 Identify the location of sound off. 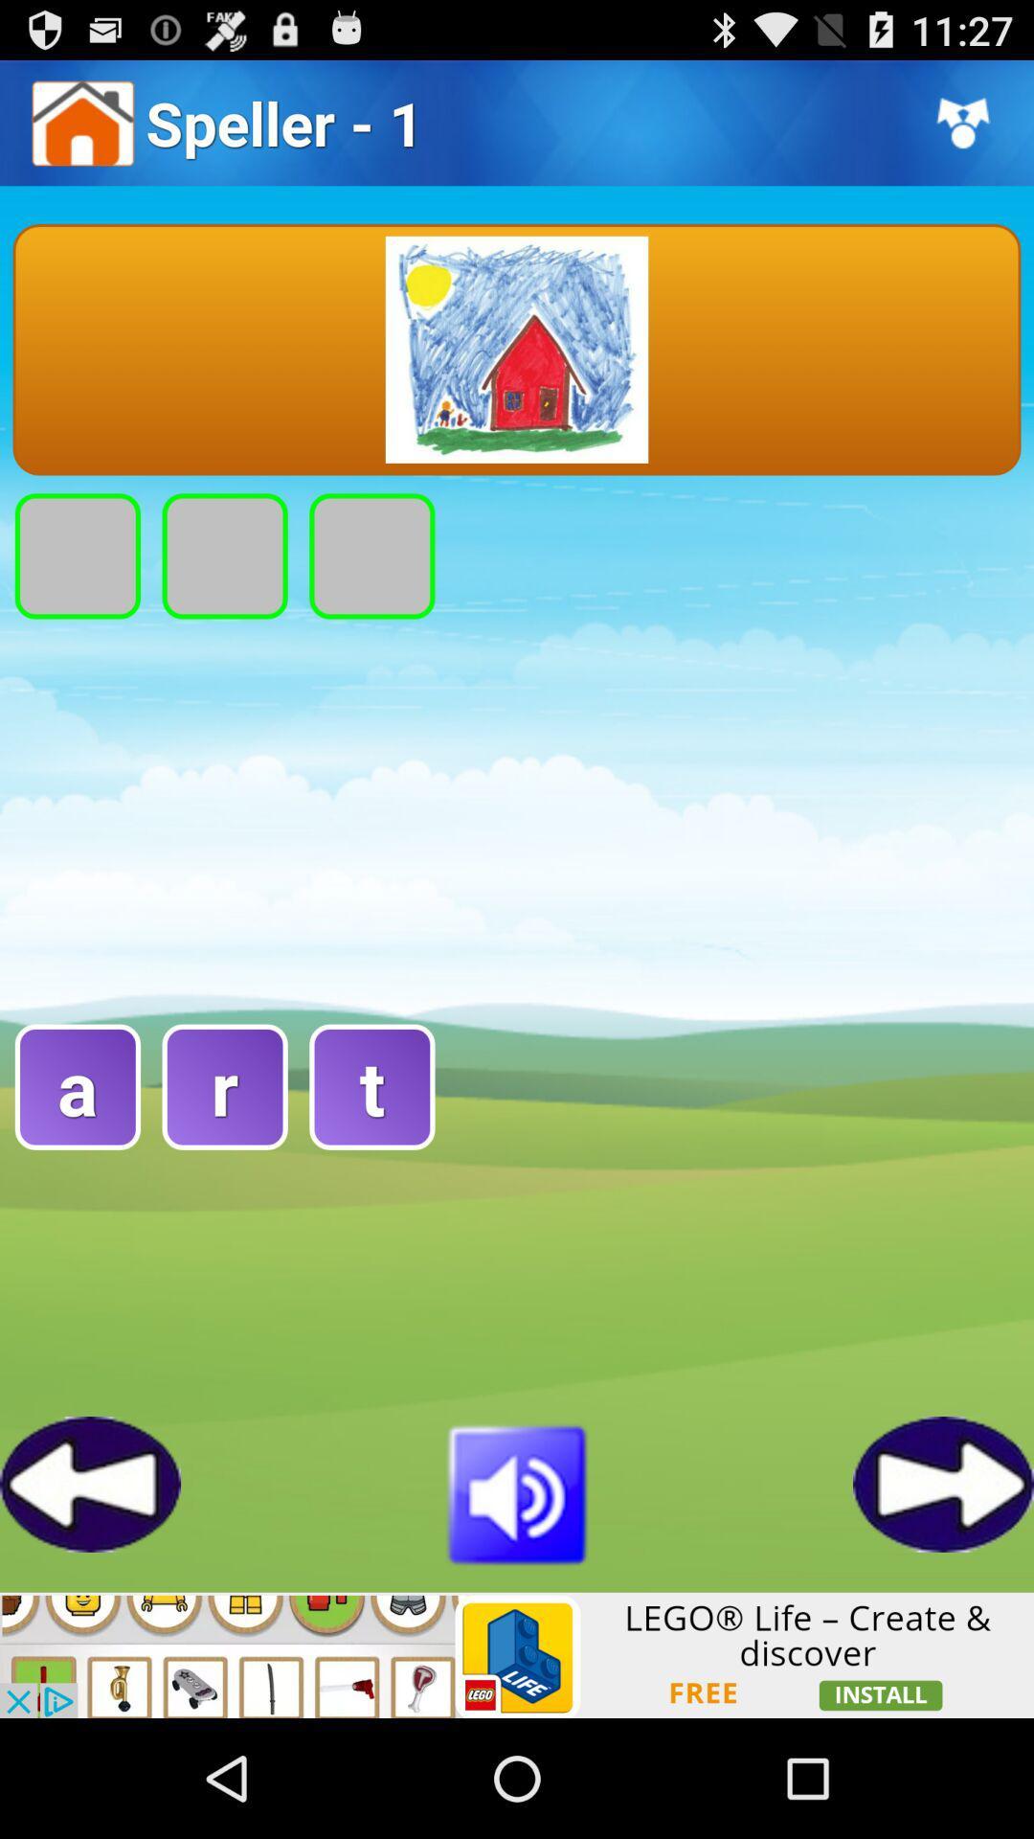
(517, 1490).